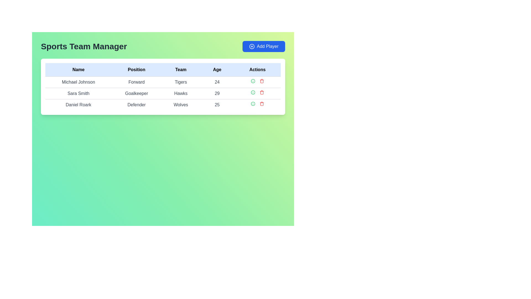 The width and height of the screenshot is (531, 299). What do you see at coordinates (181, 82) in the screenshot?
I see `the Text label that reads 'Tigers', which is located in the third column of the first row in the table, between 'Forward' and '24'` at bounding box center [181, 82].